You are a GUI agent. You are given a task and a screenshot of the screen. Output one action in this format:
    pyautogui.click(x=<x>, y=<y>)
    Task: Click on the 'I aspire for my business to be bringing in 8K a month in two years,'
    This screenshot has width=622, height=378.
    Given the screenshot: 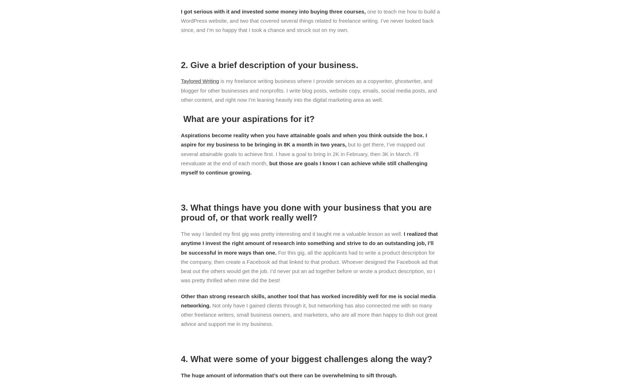 What is the action you would take?
    pyautogui.click(x=304, y=140)
    